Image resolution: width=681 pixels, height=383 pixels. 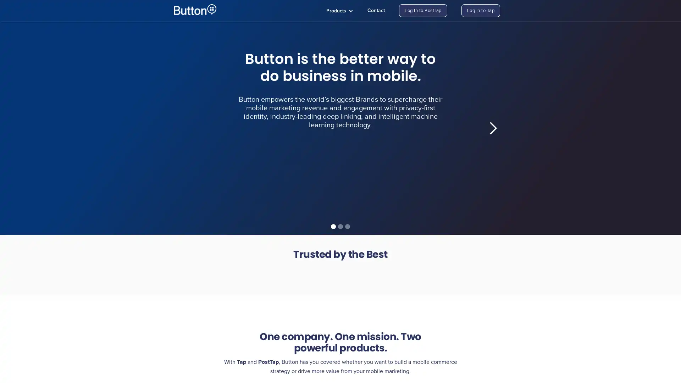 What do you see at coordinates (333, 227) in the screenshot?
I see `Show slide 1 of 3` at bounding box center [333, 227].